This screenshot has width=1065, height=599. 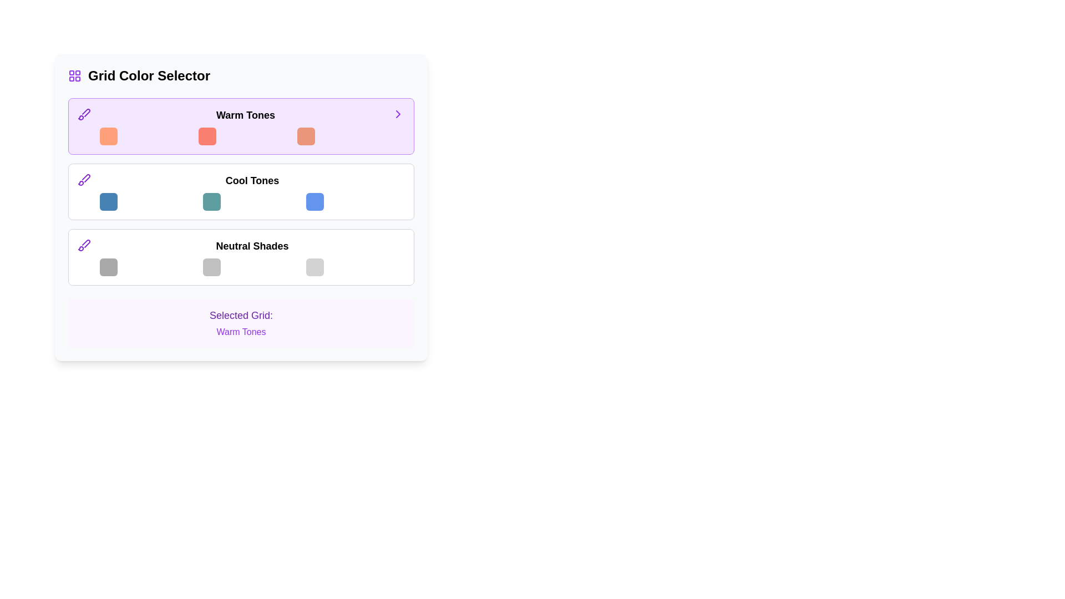 What do you see at coordinates (245, 136) in the screenshot?
I see `a color block within the 'Warm Tones' grid layout` at bounding box center [245, 136].